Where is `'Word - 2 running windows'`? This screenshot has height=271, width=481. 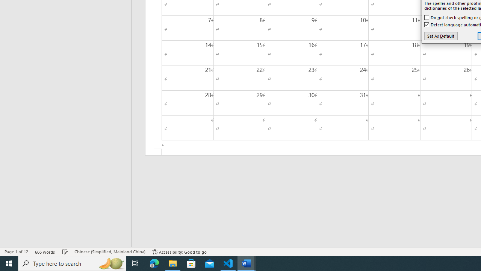 'Word - 2 running windows' is located at coordinates (247, 263).